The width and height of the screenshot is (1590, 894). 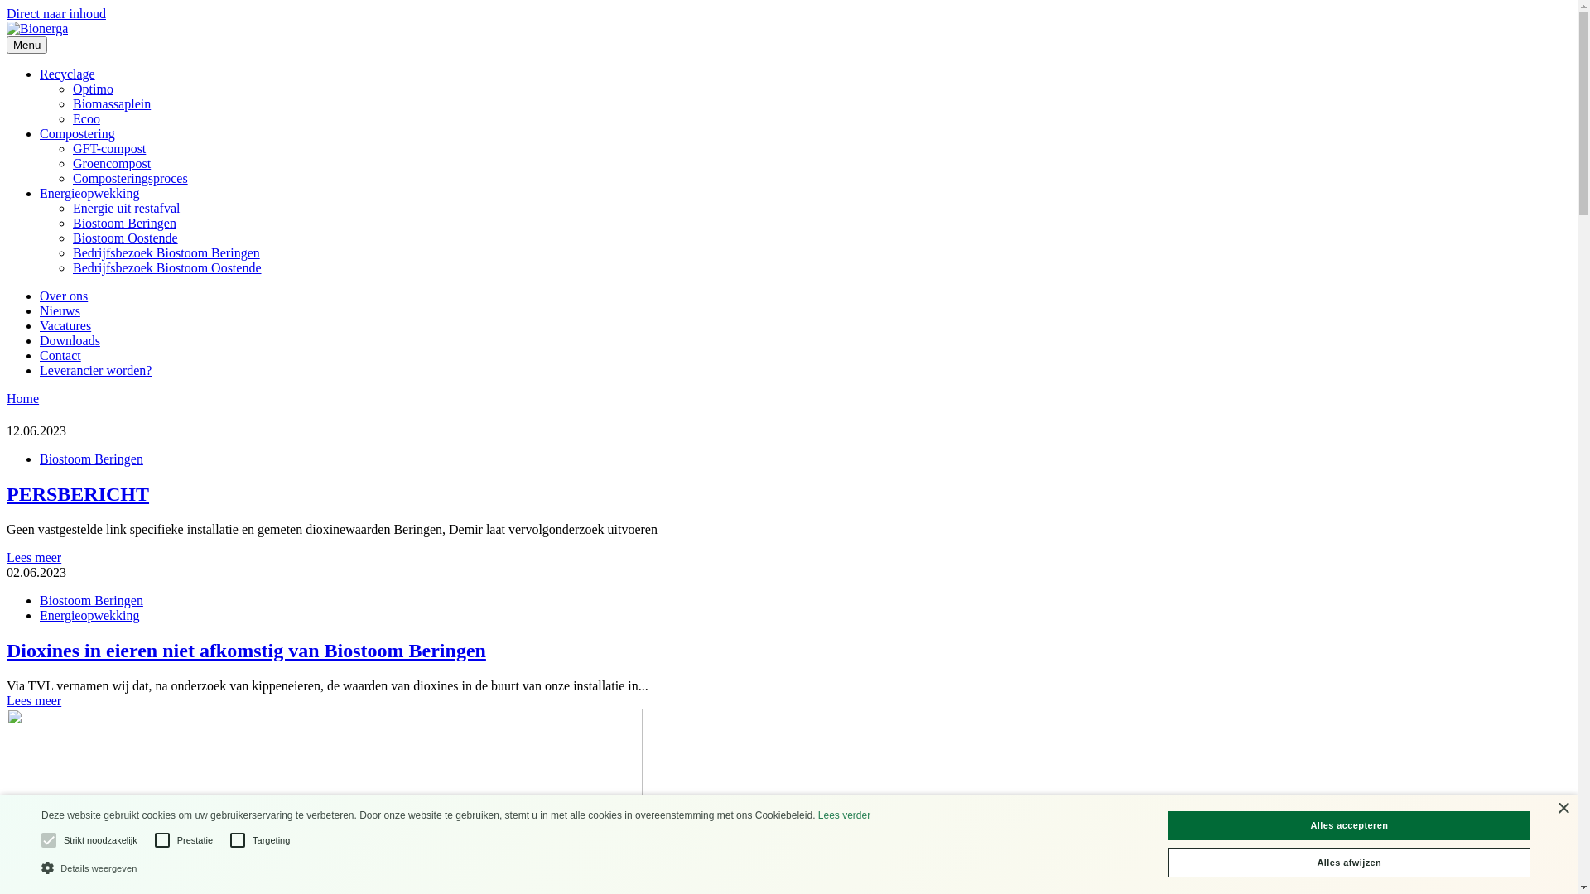 I want to click on 'Contact', so click(x=60, y=354).